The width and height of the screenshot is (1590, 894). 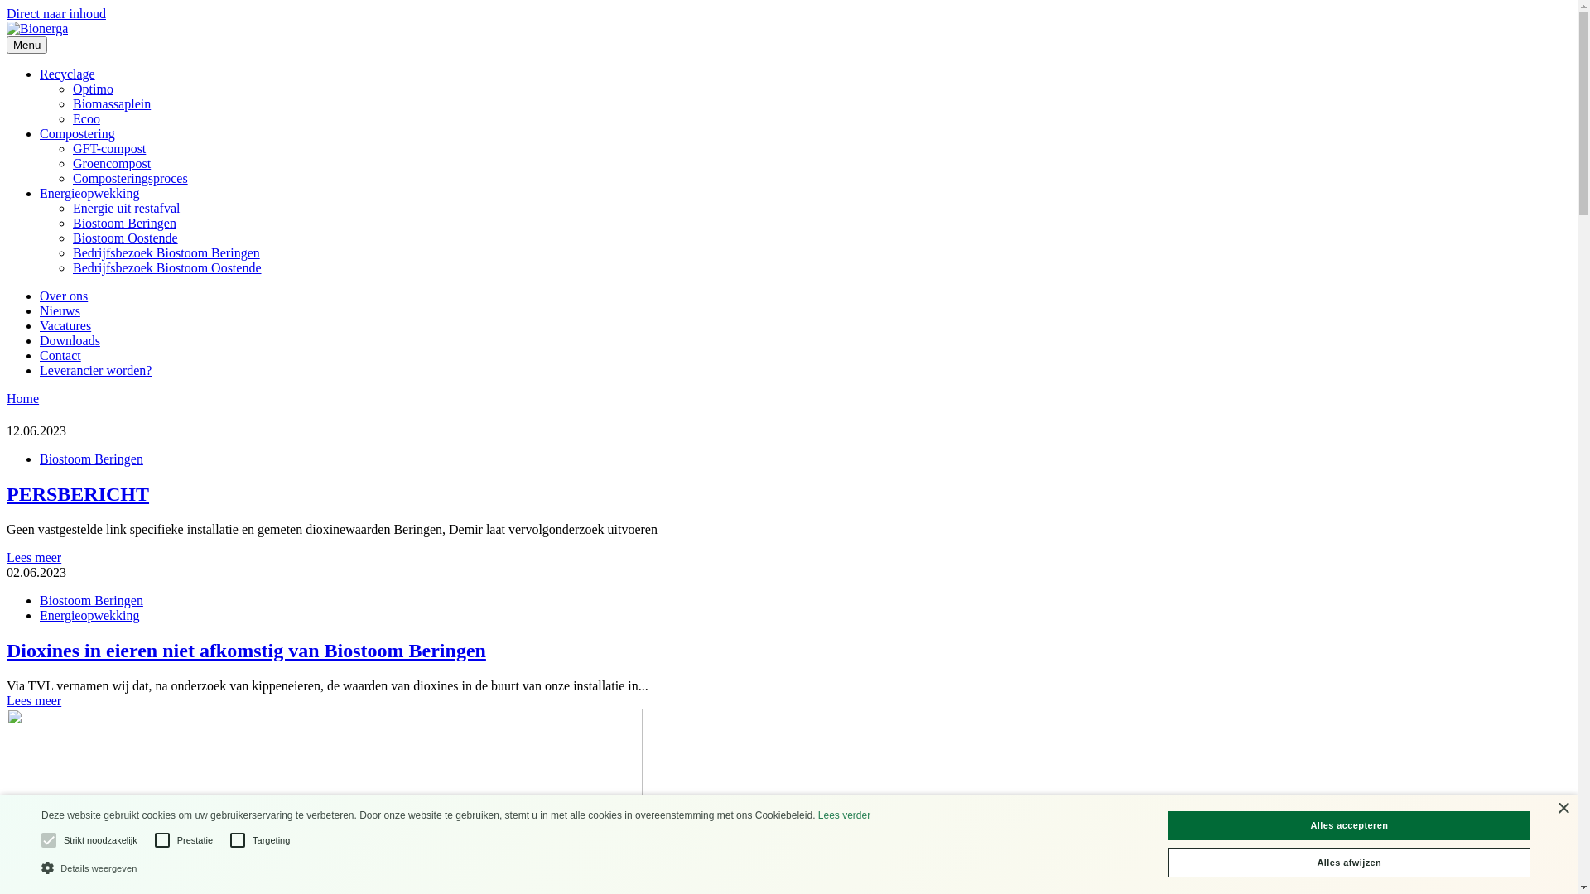 I want to click on 'Contact', so click(x=60, y=354).